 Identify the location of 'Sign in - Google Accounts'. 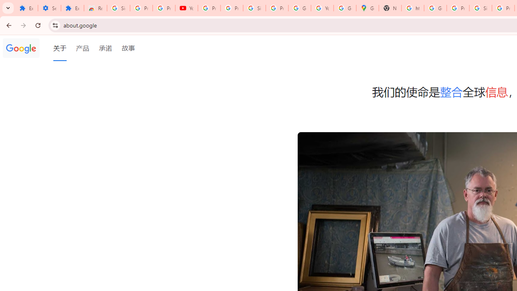
(481, 8).